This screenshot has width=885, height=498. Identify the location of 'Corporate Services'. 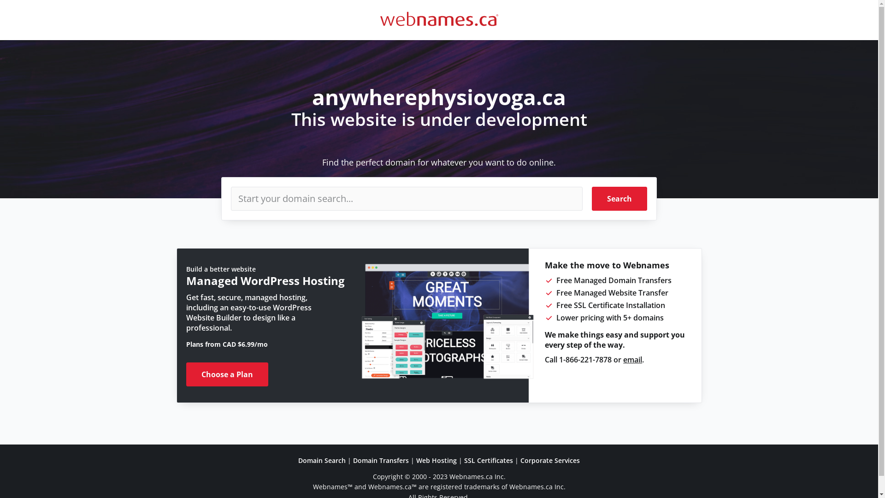
(550, 460).